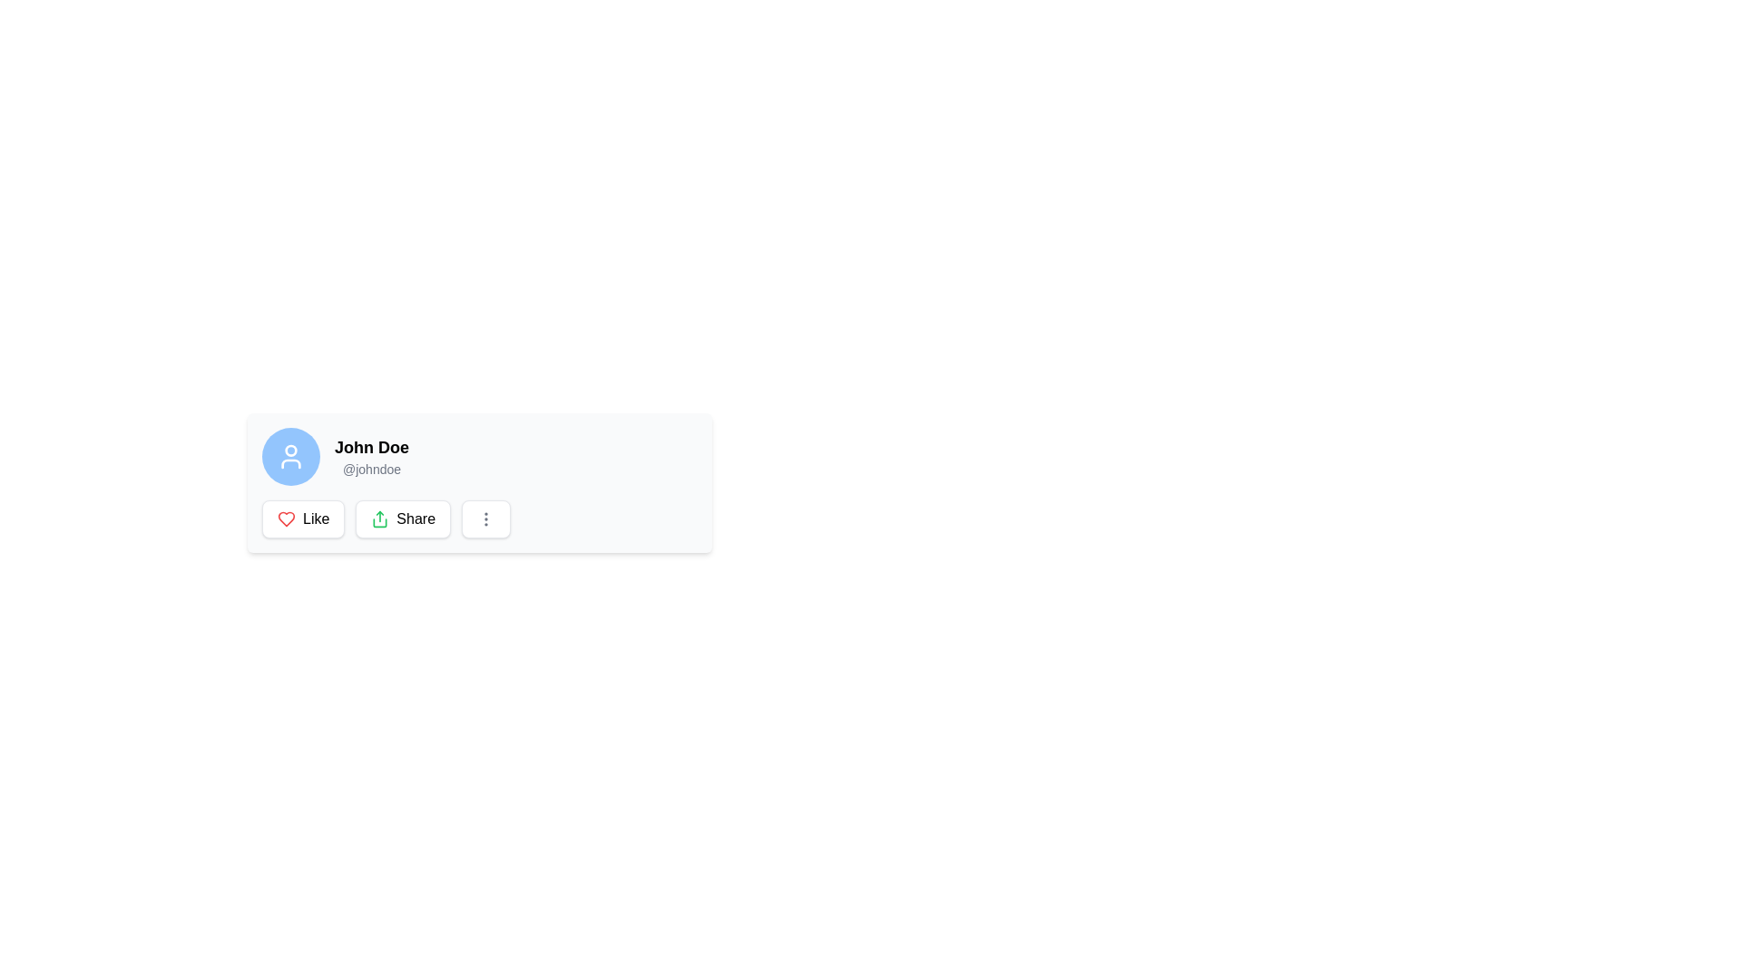  I want to click on the user profile icon, which is a circular blue icon located to the left of the text 'John Doe' and '@johndoe', so click(291, 456).